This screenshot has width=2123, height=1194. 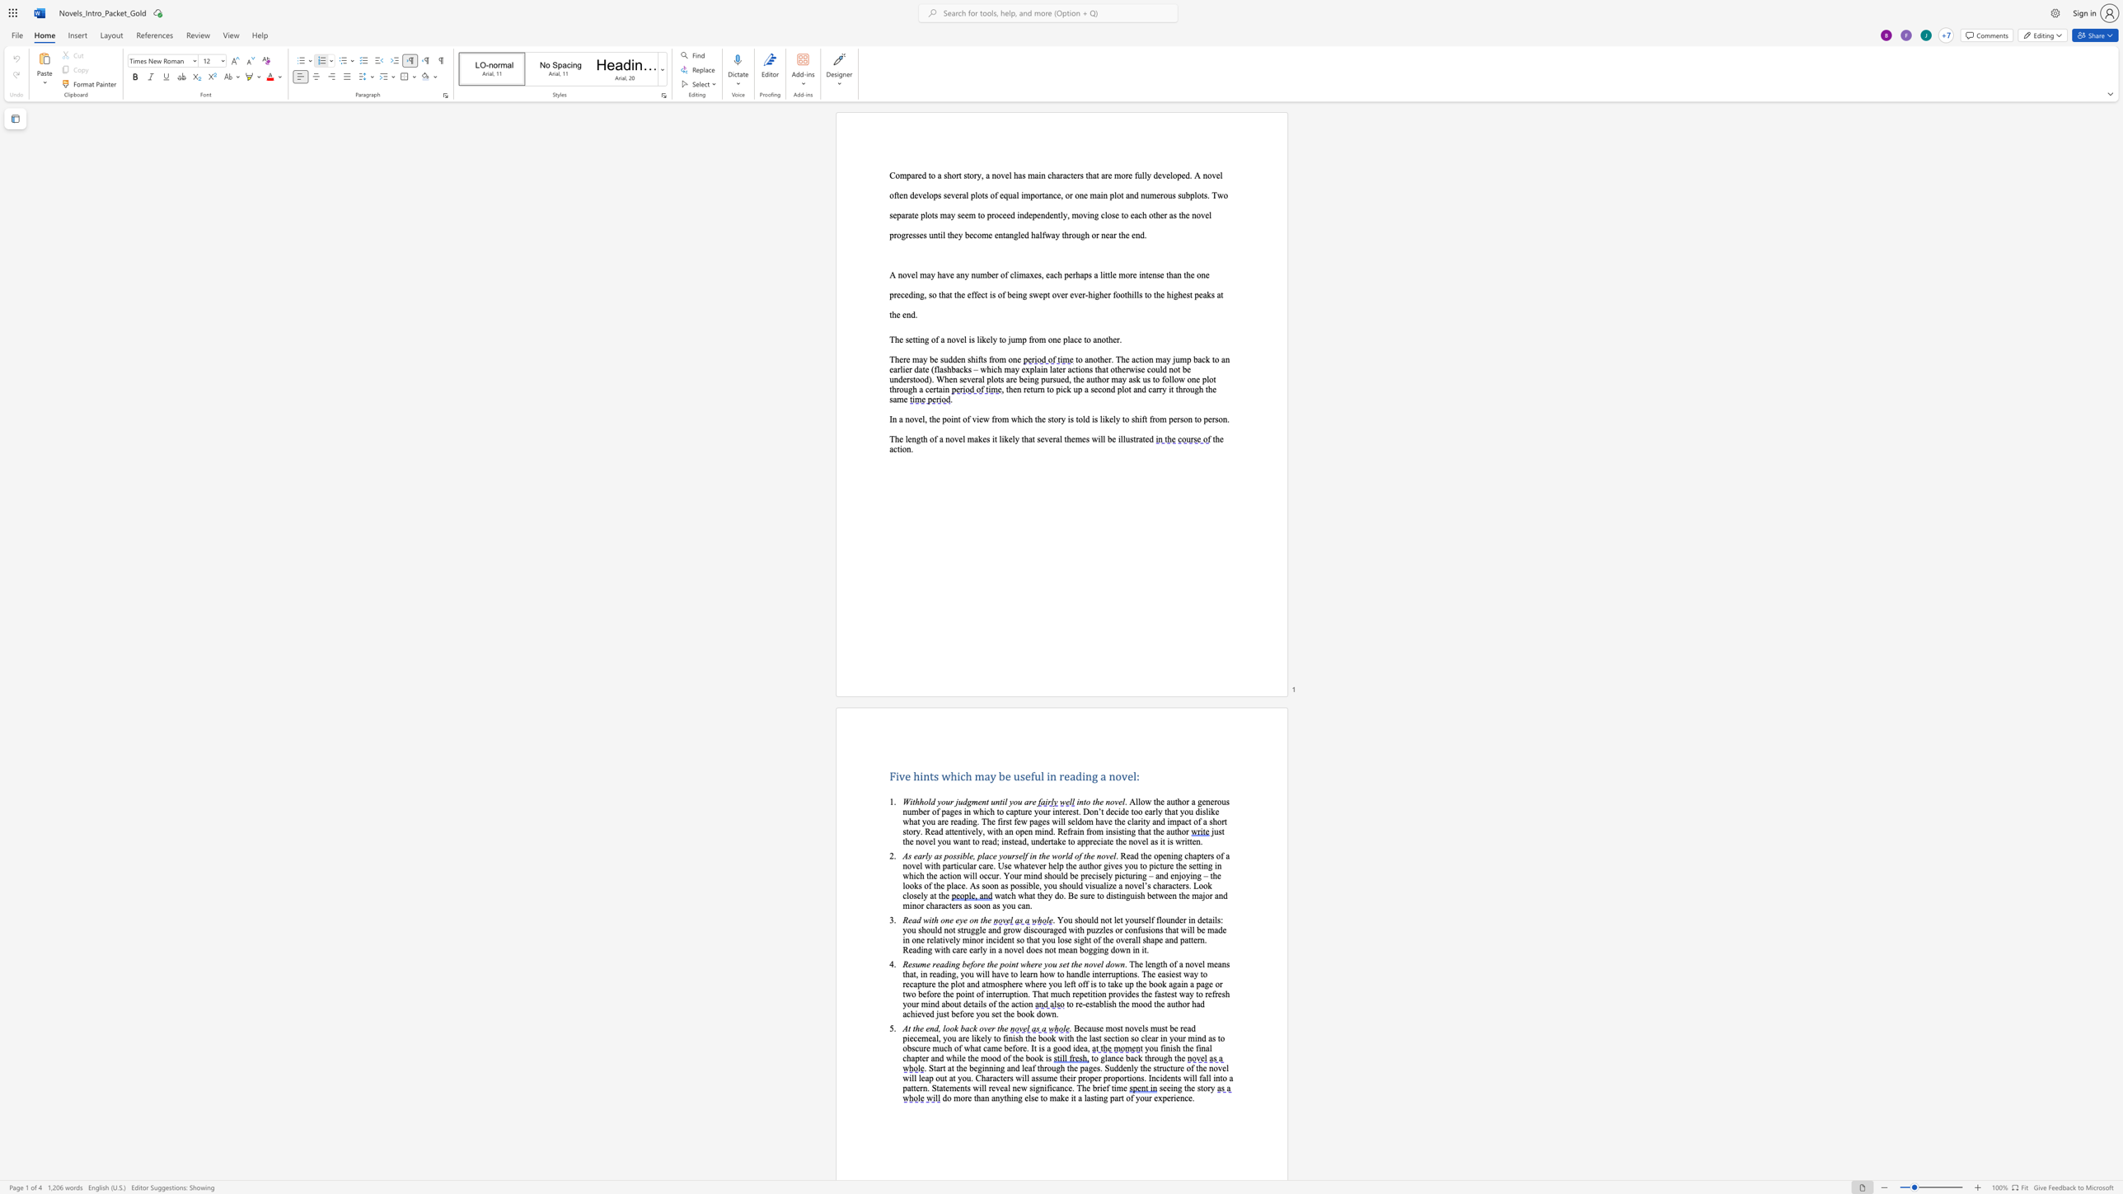 What do you see at coordinates (963, 1028) in the screenshot?
I see `the space between the continuous character "b" and "a" in the text` at bounding box center [963, 1028].